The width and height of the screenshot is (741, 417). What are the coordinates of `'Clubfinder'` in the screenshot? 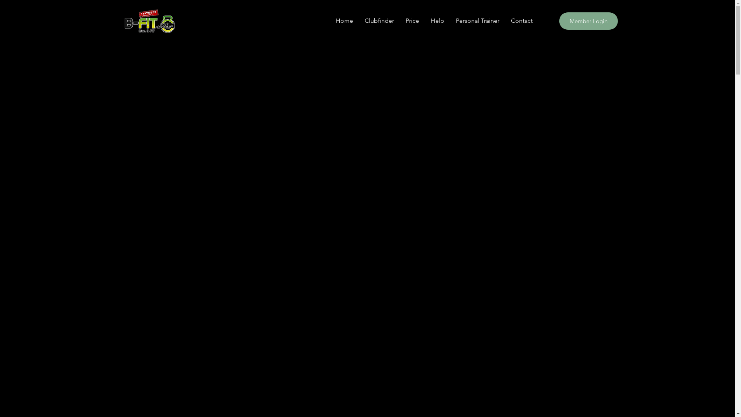 It's located at (379, 20).